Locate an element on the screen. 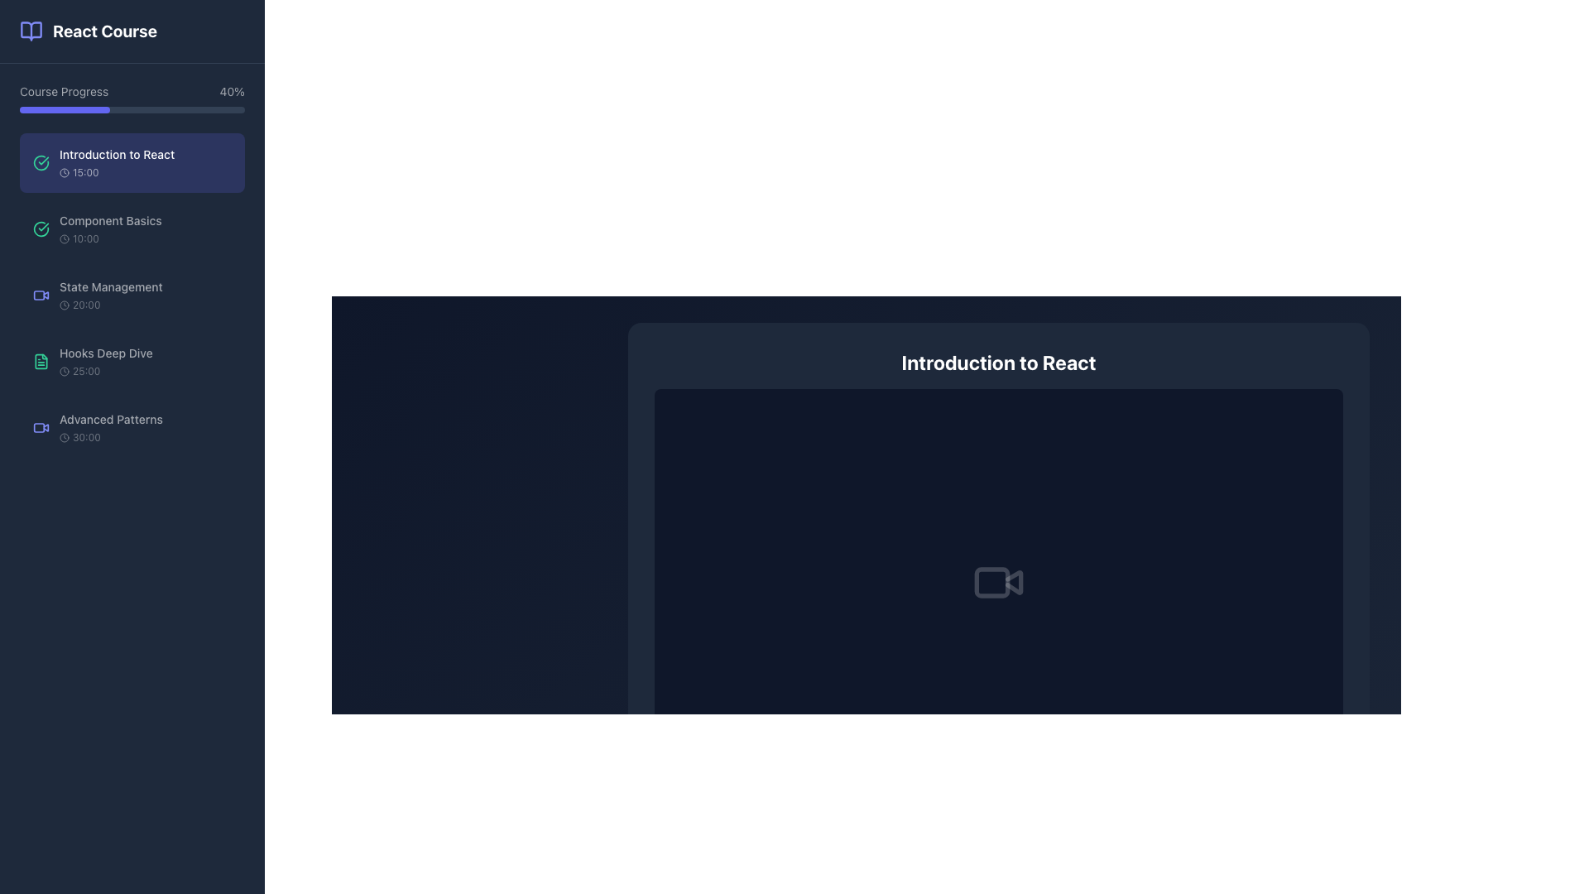 The width and height of the screenshot is (1589, 894). the Interactive list item for 'Component Basics' in the React Course is located at coordinates (131, 229).